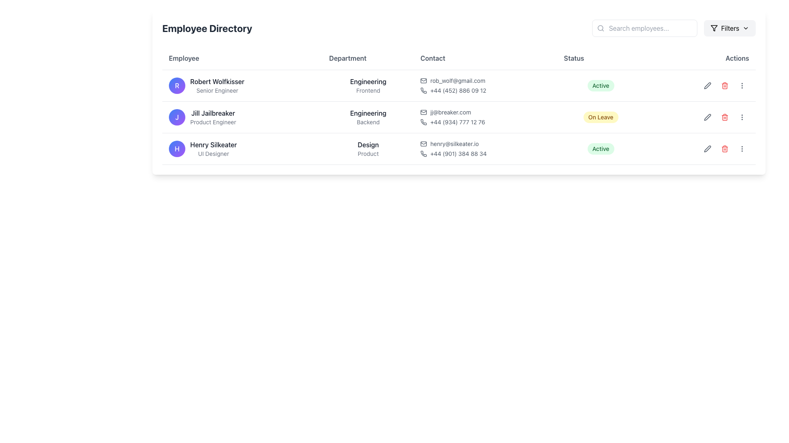 The image size is (789, 443). I want to click on the 'Status' label in the second row of the data table associated with 'Jill Jailbreaker', so click(601, 117).